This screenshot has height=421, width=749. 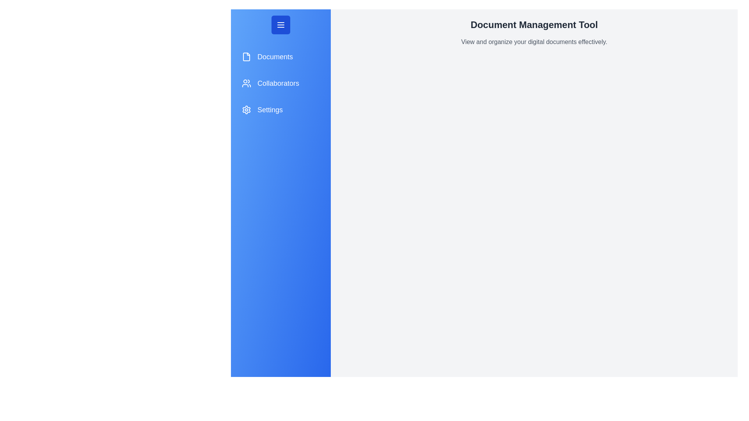 What do you see at coordinates (281, 25) in the screenshot?
I see `button with the menu icon to toggle the drawer` at bounding box center [281, 25].